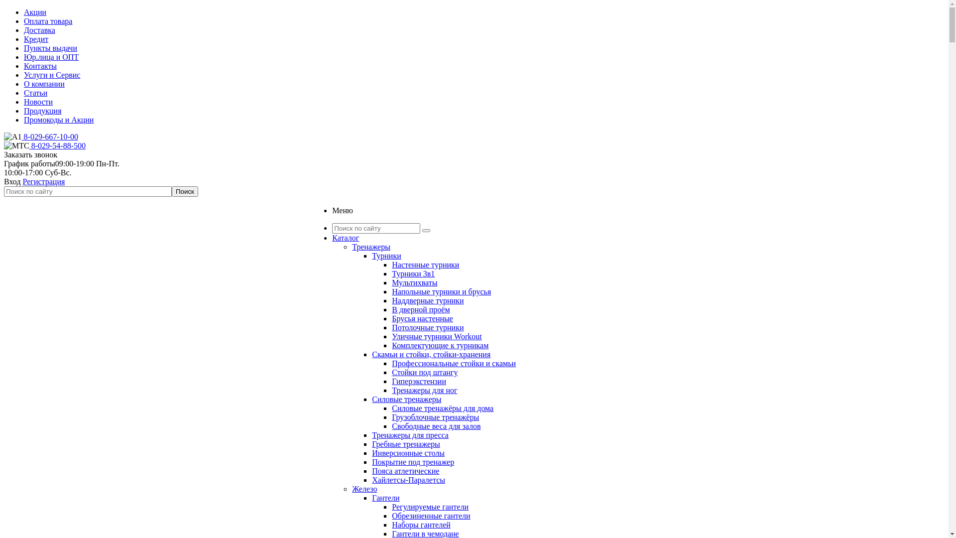 Image resolution: width=956 pixels, height=538 pixels. What do you see at coordinates (29, 145) in the screenshot?
I see `'8-029-54-88-500'` at bounding box center [29, 145].